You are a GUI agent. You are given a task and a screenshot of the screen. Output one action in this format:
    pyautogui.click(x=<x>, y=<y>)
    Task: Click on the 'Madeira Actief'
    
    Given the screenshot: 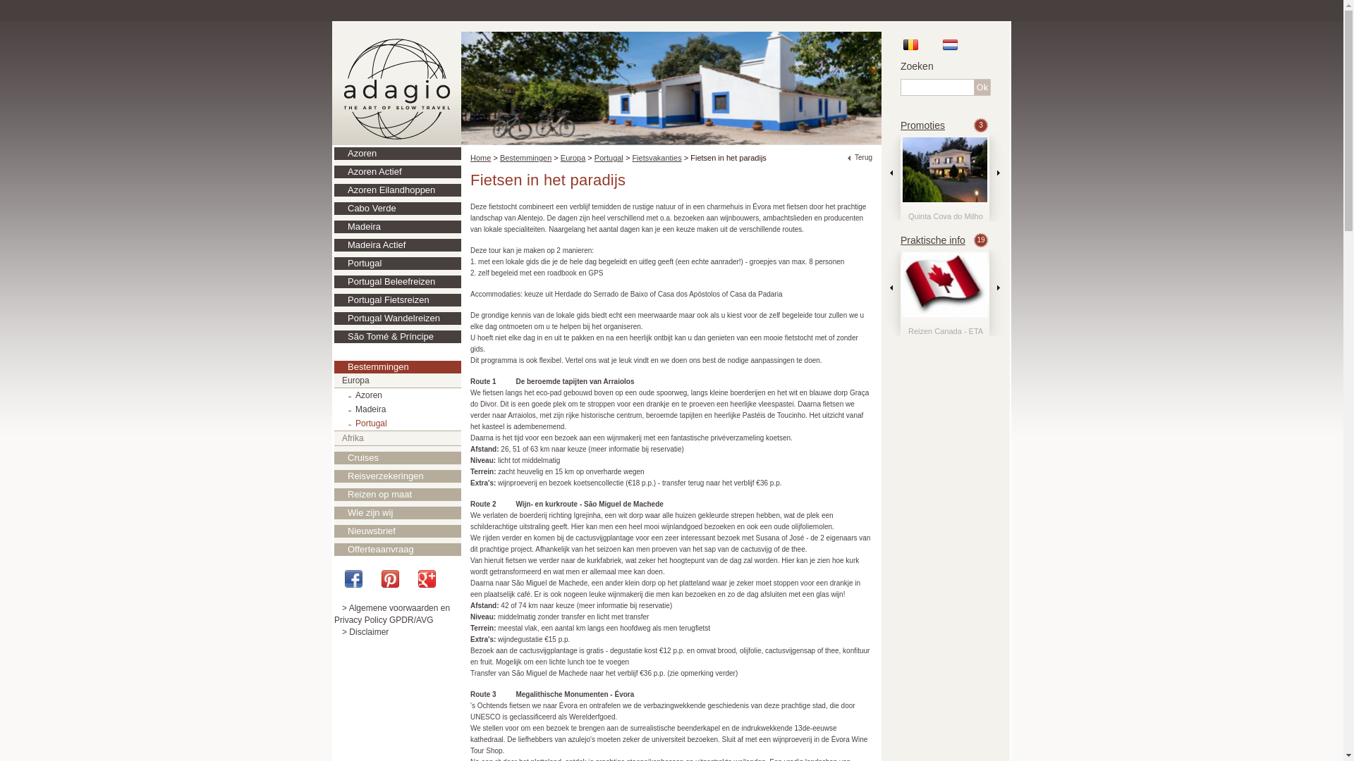 What is the action you would take?
    pyautogui.click(x=334, y=244)
    